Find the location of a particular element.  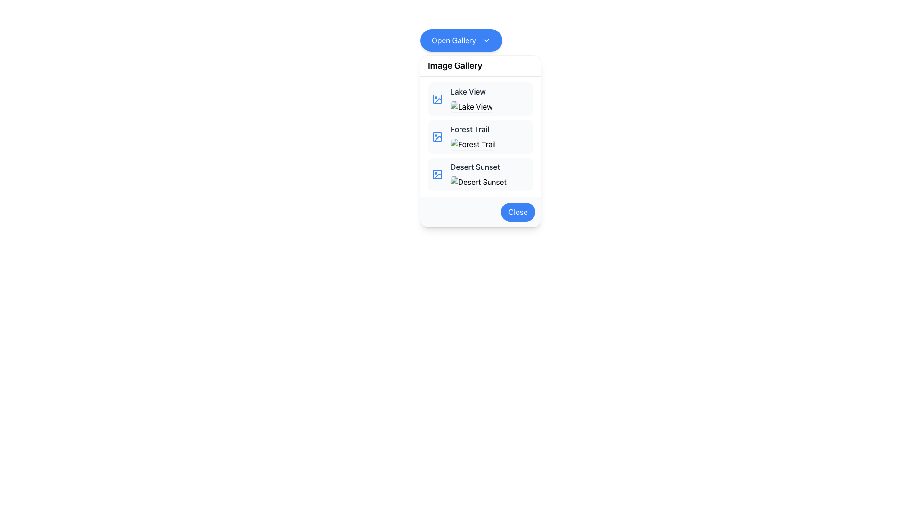

the blue image file icon with rounded corners located to the left of the text 'Desert Sunset' in the third row of the gallery list is located at coordinates (436, 174).